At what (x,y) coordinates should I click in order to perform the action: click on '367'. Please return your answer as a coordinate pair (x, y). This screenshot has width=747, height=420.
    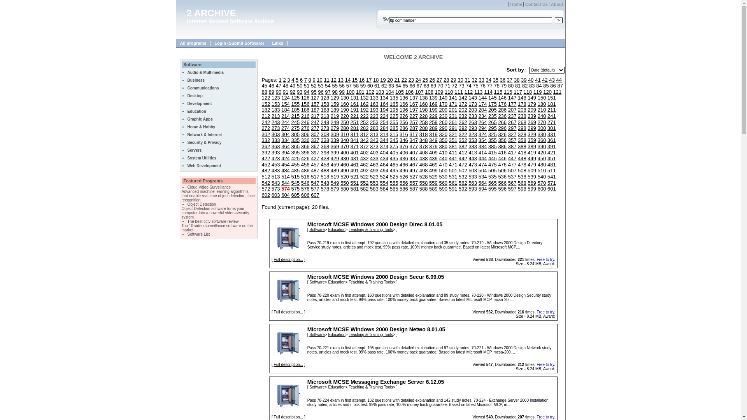
    Looking at the image, I should click on (310, 146).